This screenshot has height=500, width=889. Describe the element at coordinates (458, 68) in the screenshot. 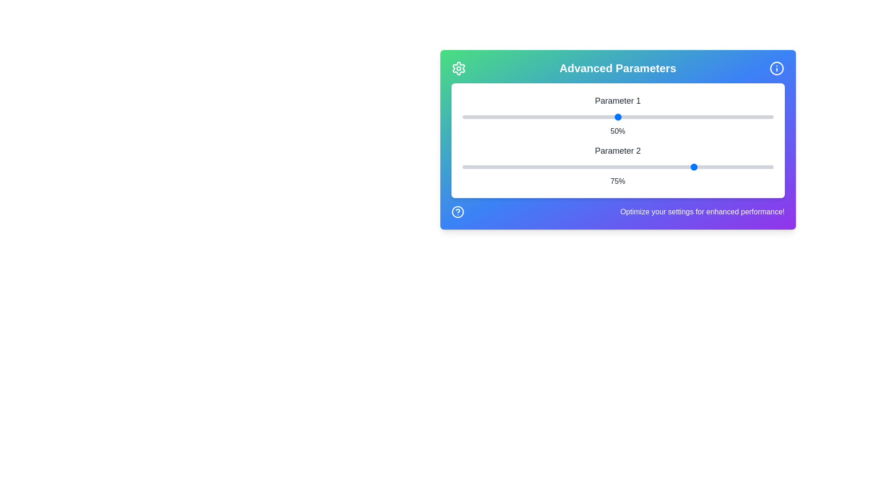

I see `the settings icon located at the top-left corner of the component` at that location.